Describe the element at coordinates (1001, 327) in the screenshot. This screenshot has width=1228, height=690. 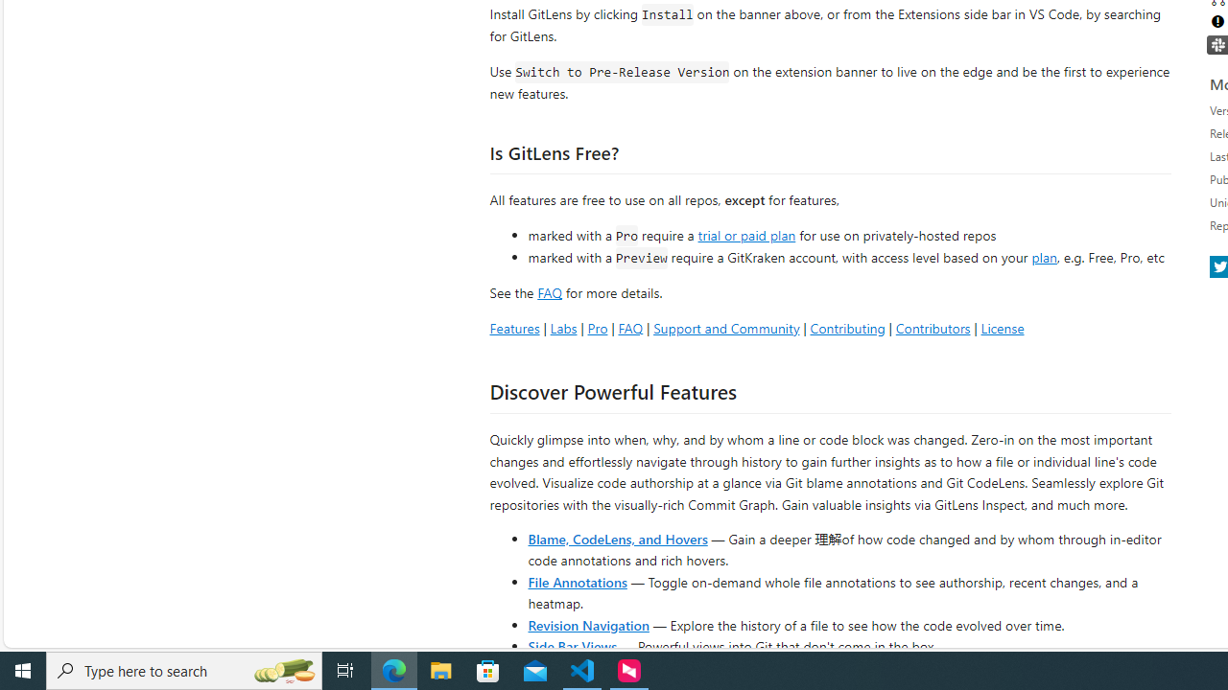
I see `'License'` at that location.